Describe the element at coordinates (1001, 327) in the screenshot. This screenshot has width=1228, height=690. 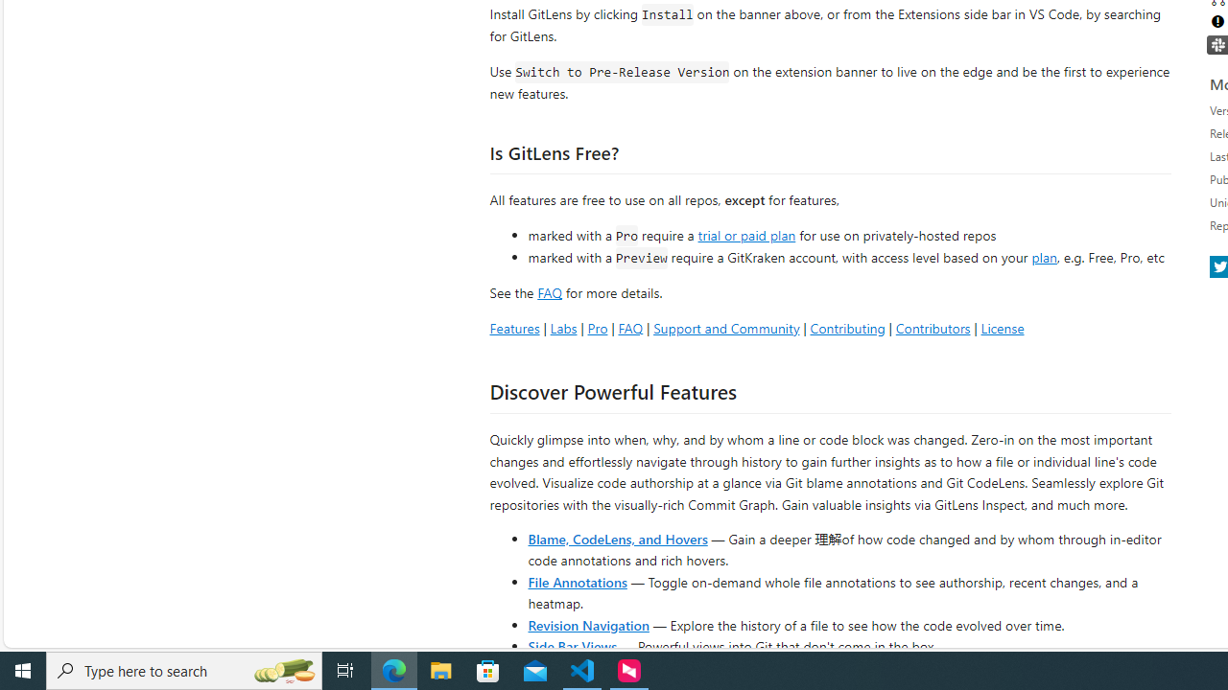
I see `'License'` at that location.